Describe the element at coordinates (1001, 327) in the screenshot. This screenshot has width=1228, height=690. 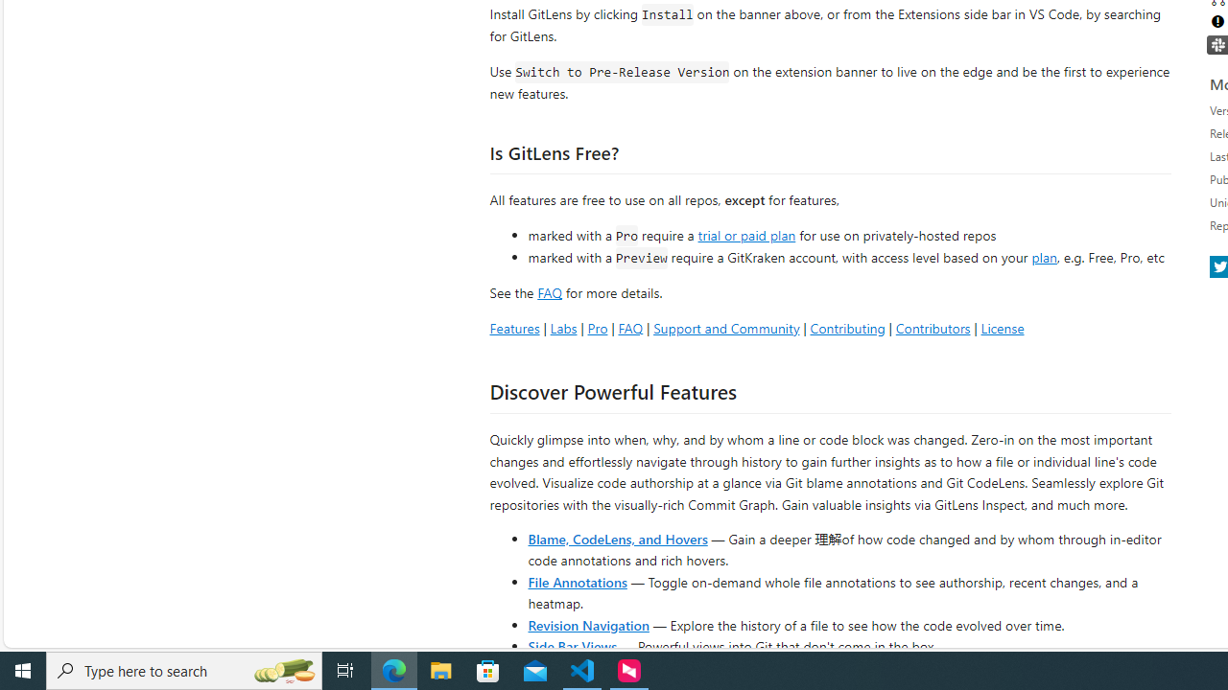
I see `'License'` at that location.